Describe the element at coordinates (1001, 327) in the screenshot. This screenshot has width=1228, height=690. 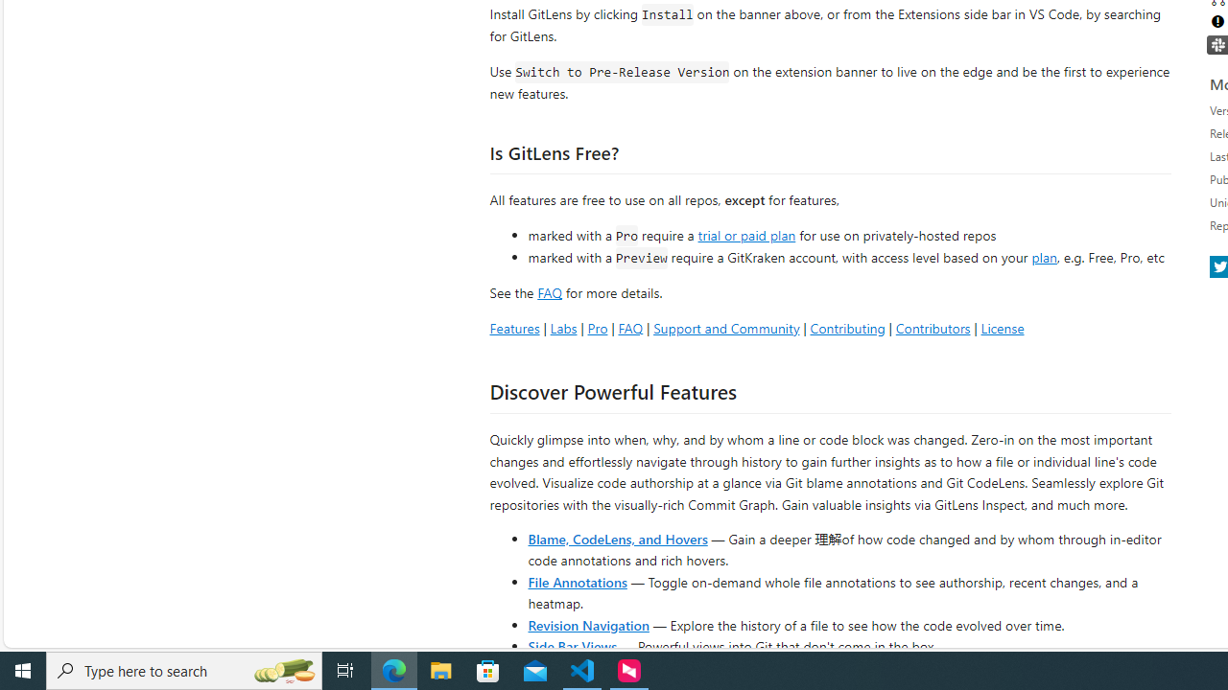
I see `'License'` at that location.